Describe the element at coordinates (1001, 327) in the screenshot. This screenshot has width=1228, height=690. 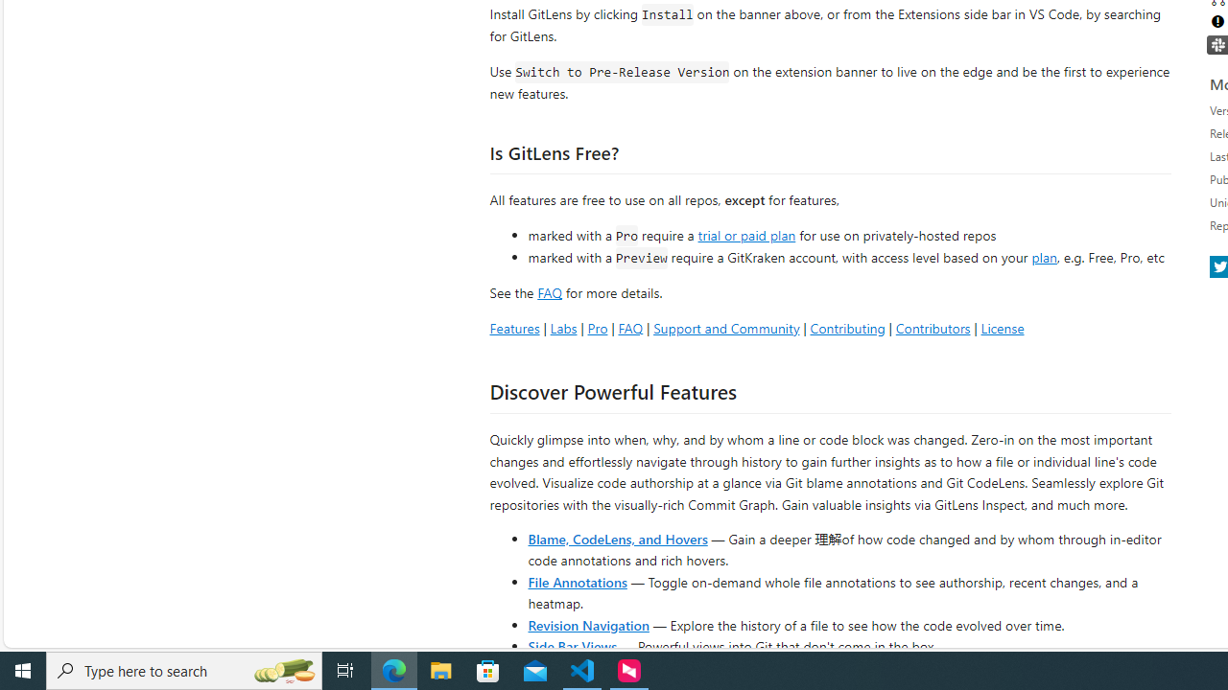
I see `'License'` at that location.